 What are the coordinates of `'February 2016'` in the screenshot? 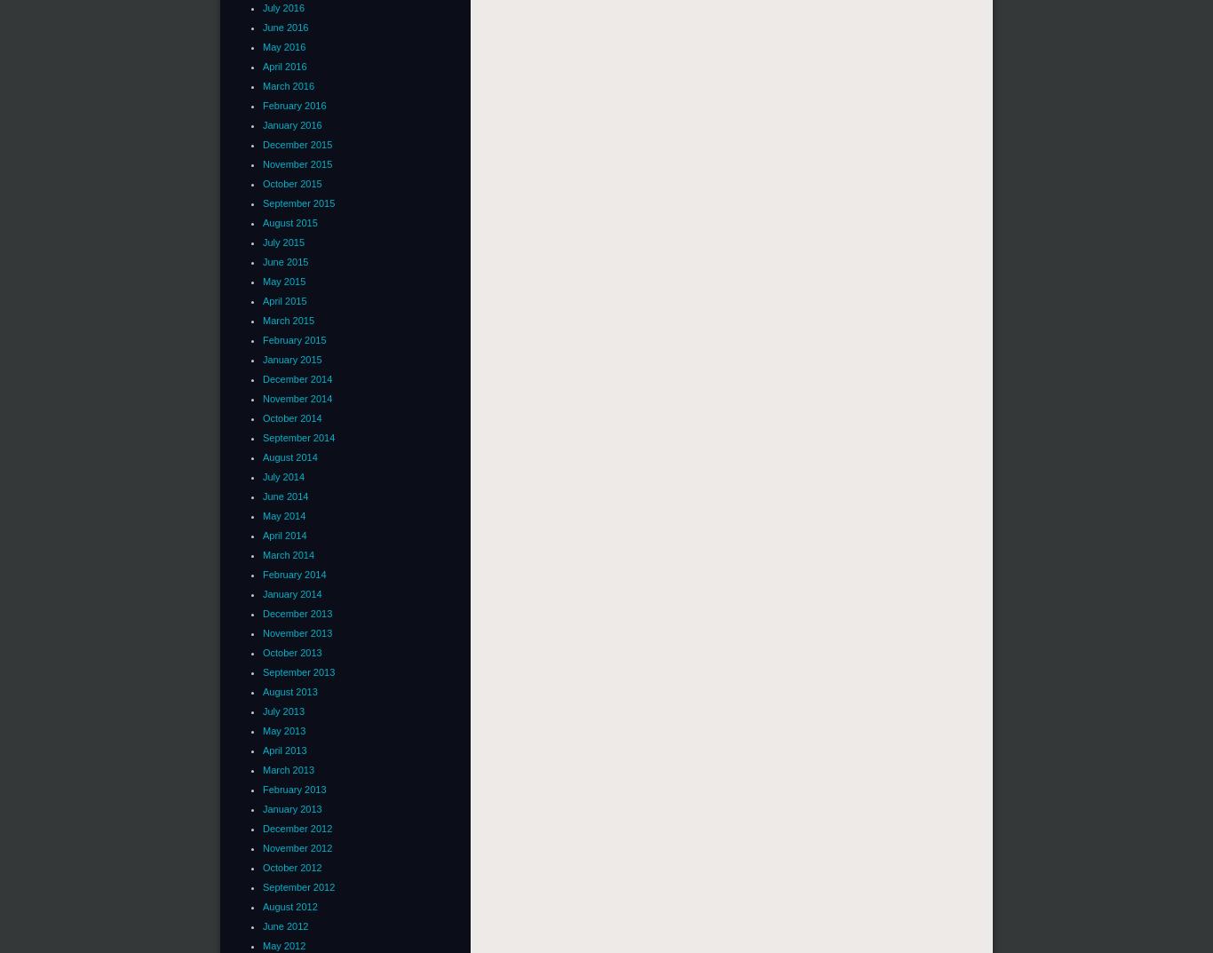 It's located at (294, 105).